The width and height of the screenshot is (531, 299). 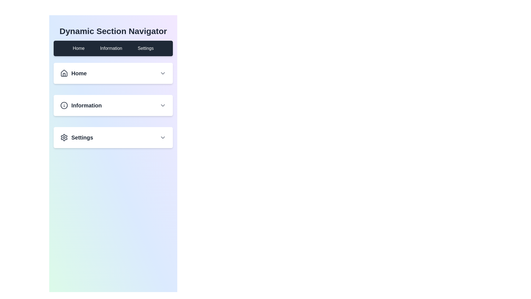 What do you see at coordinates (73, 73) in the screenshot?
I see `the 'Home' navigation link, which is the first entry in the vertical list of navigational options` at bounding box center [73, 73].